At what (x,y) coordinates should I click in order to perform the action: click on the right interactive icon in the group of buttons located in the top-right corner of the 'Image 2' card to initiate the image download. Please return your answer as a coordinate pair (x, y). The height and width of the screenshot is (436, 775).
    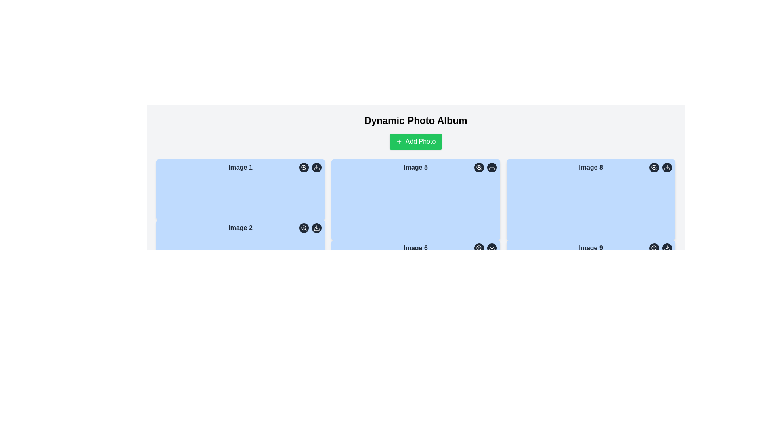
    Looking at the image, I should click on (310, 228).